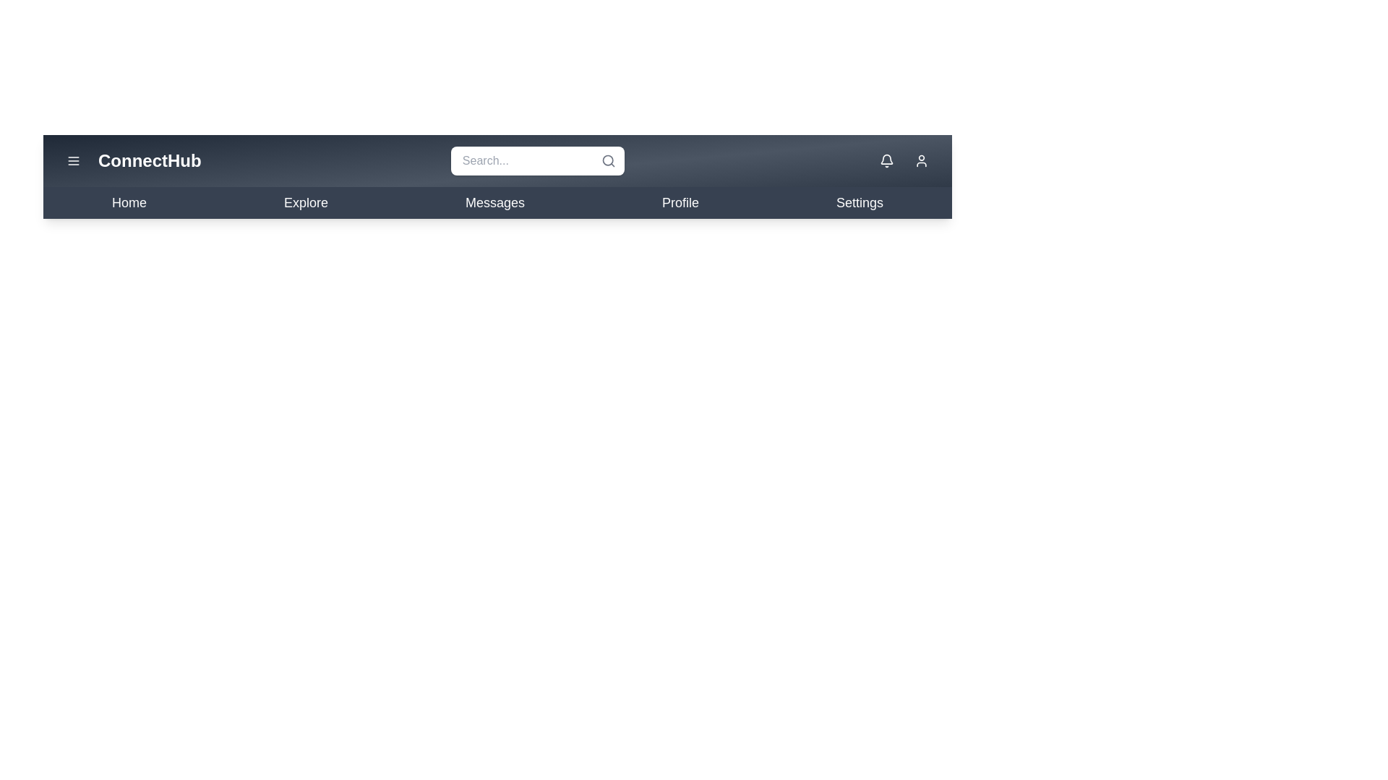  Describe the element at coordinates (72, 161) in the screenshot. I see `the menu button to toggle the menu visibility` at that location.